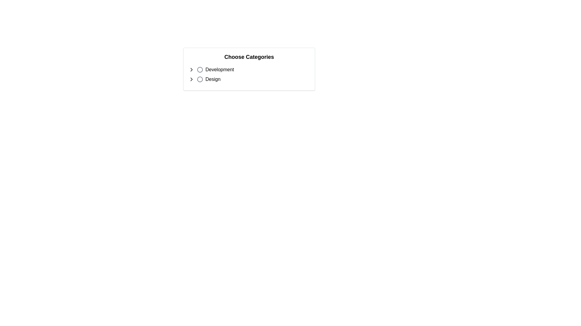  Describe the element at coordinates (191, 69) in the screenshot. I see `the circular button with a chevron arrow pointing right, which is positioned to the left of the text 'Development'` at that location.